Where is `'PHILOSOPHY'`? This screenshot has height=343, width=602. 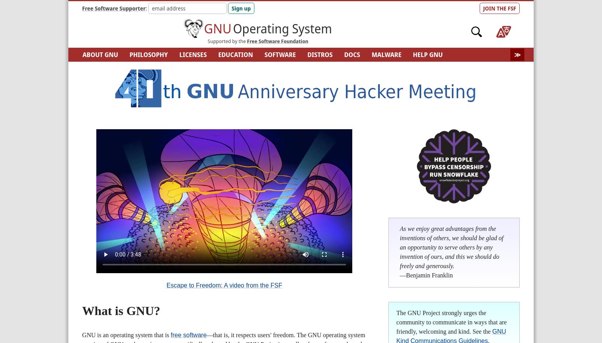
'PHILOSOPHY' is located at coordinates (129, 54).